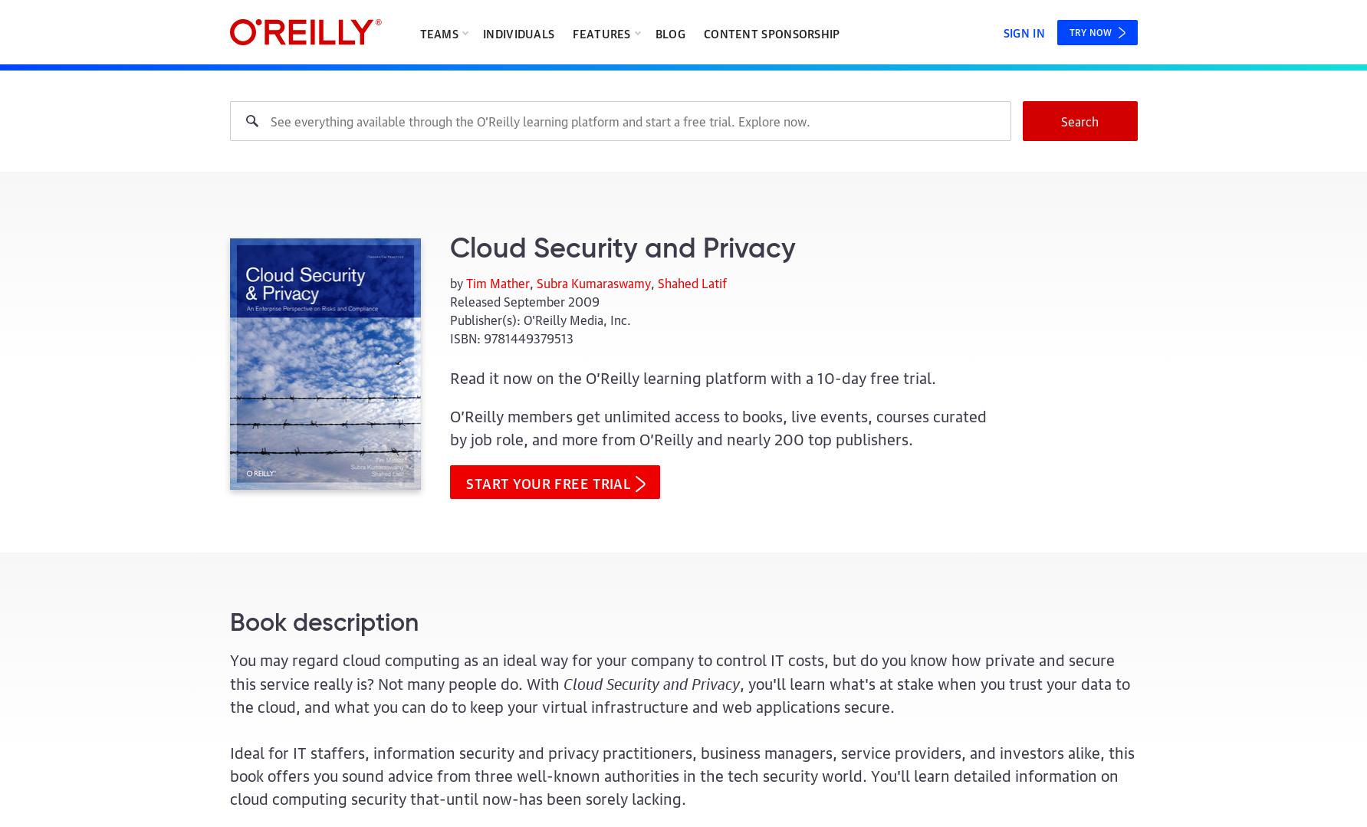  What do you see at coordinates (717, 425) in the screenshot?
I see `'O’Reilly members get unlimited access to books, live events, courses curated by job role, and more from O’Reilly and nearly'` at bounding box center [717, 425].